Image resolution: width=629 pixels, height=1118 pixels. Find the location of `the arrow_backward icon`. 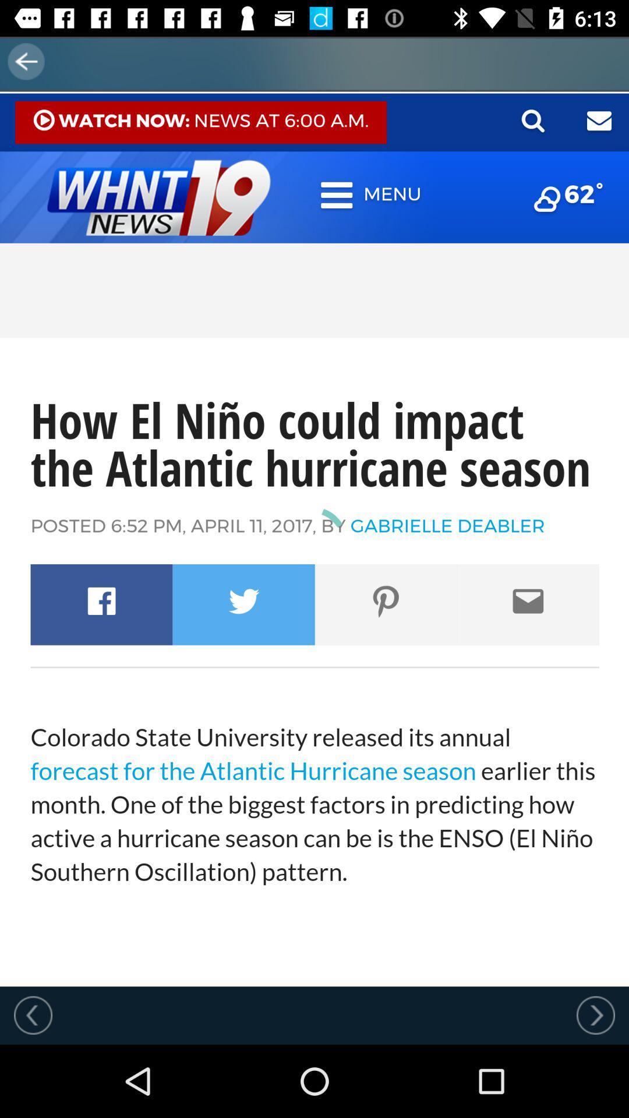

the arrow_backward icon is located at coordinates (33, 61).